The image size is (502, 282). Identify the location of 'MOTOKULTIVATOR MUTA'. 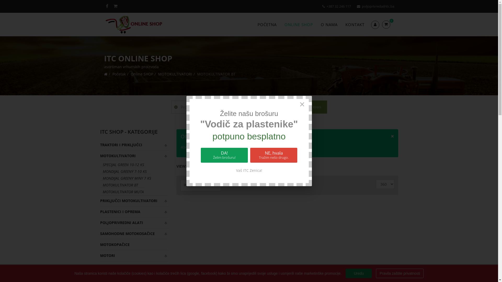
(121, 192).